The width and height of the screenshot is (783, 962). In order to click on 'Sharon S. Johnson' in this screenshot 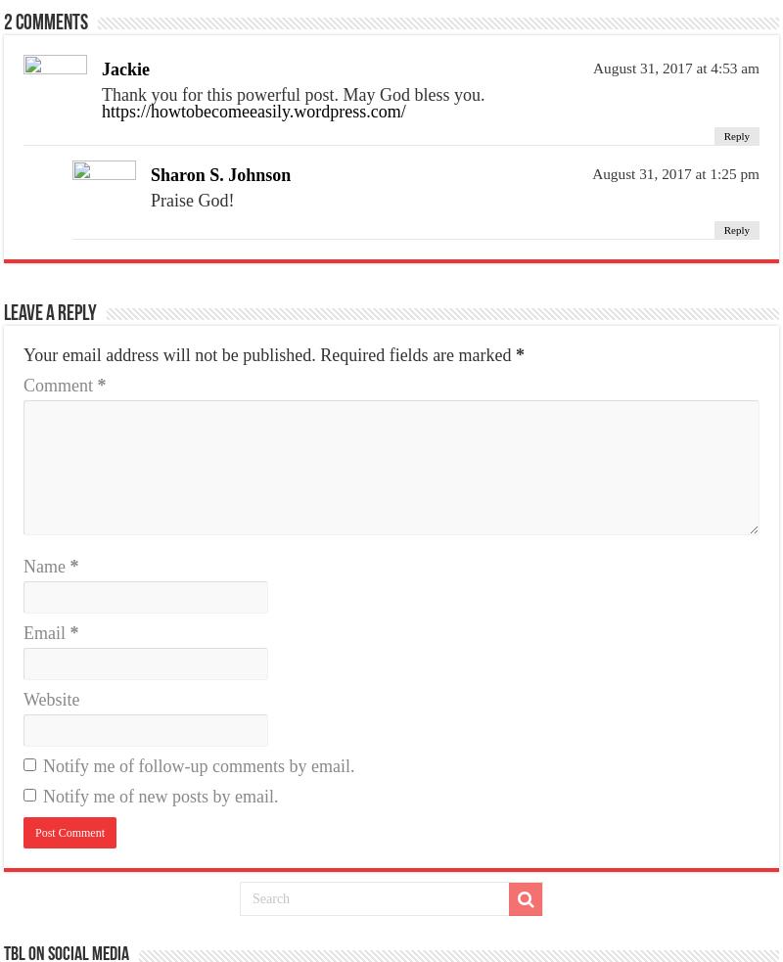, I will do `click(220, 174)`.